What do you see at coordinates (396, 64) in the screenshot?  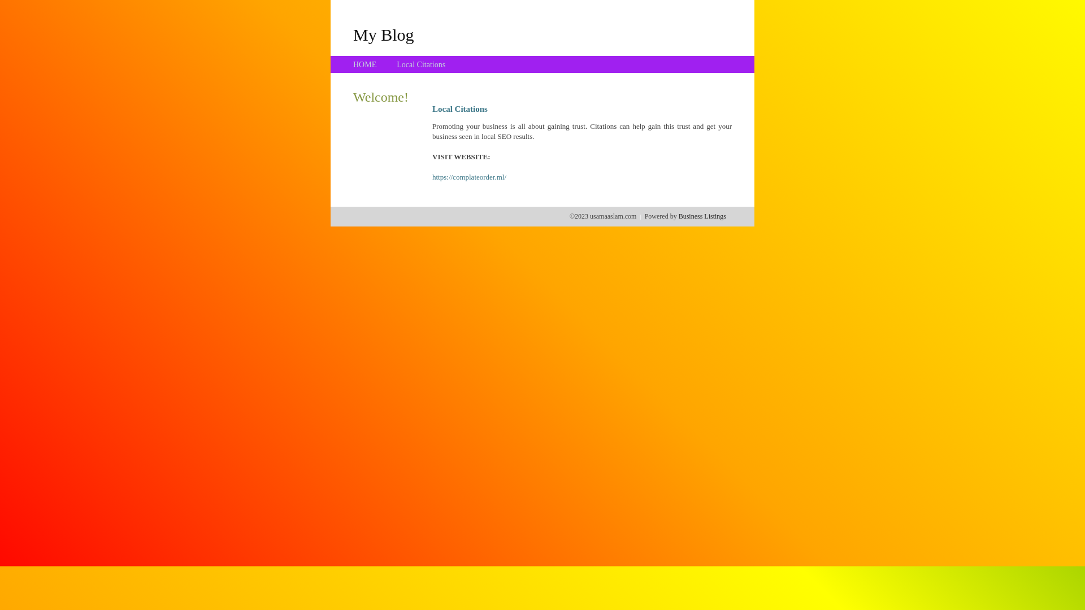 I see `'Local Citations'` at bounding box center [396, 64].